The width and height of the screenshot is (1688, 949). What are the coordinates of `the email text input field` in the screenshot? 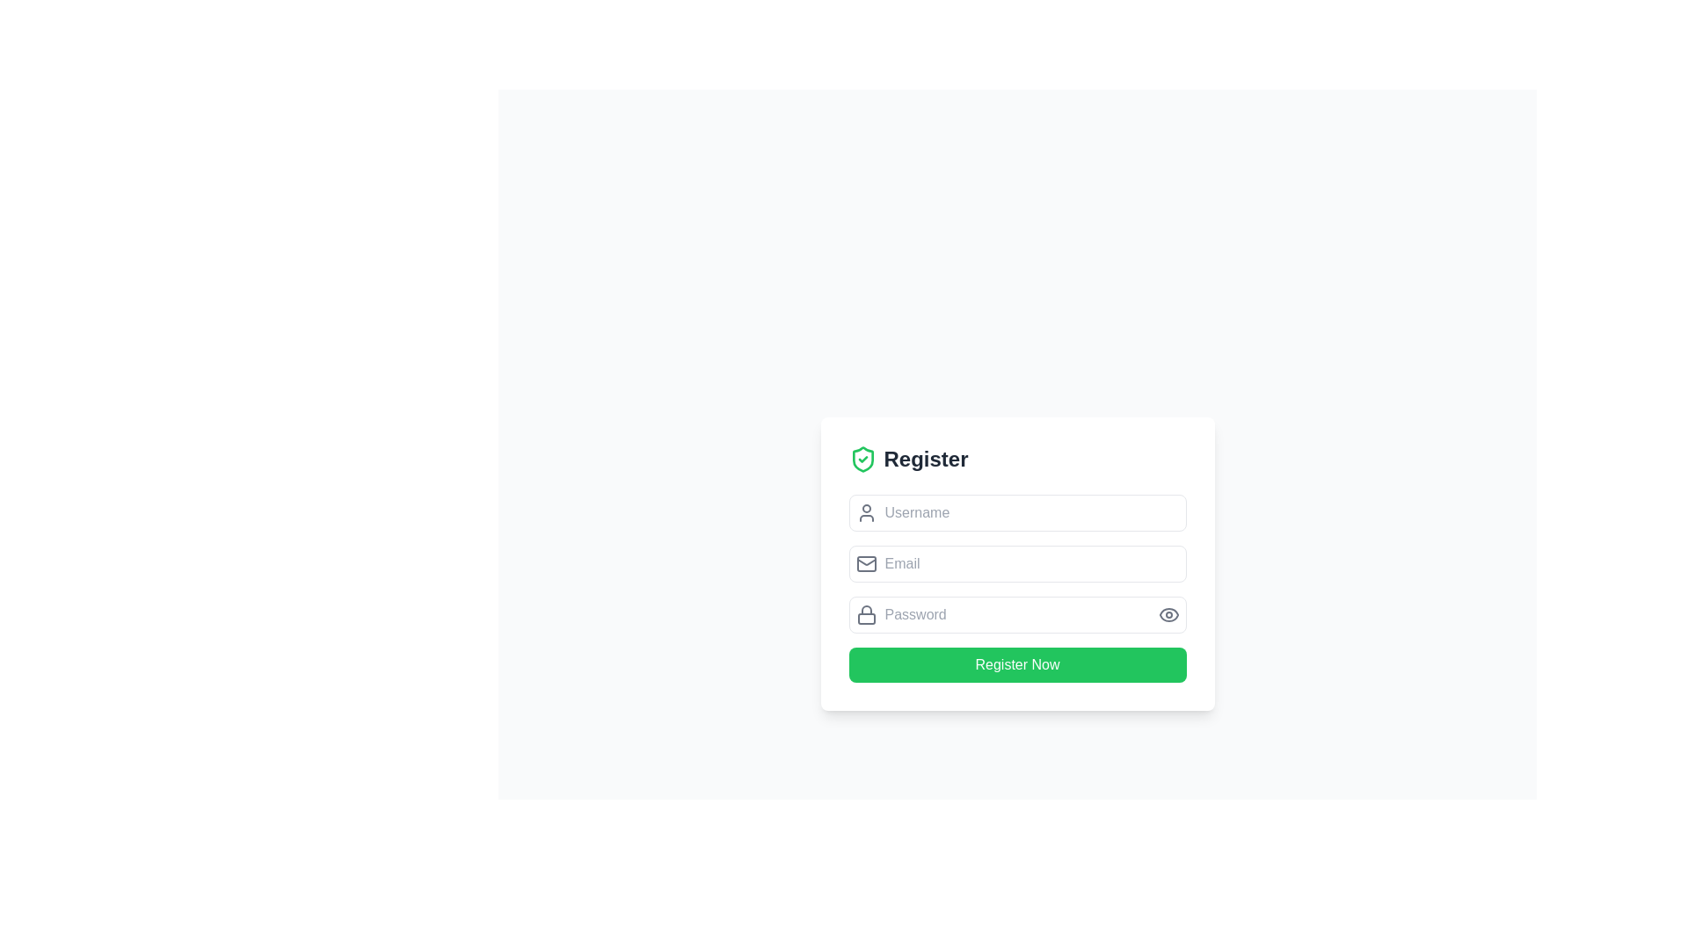 It's located at (1017, 563).